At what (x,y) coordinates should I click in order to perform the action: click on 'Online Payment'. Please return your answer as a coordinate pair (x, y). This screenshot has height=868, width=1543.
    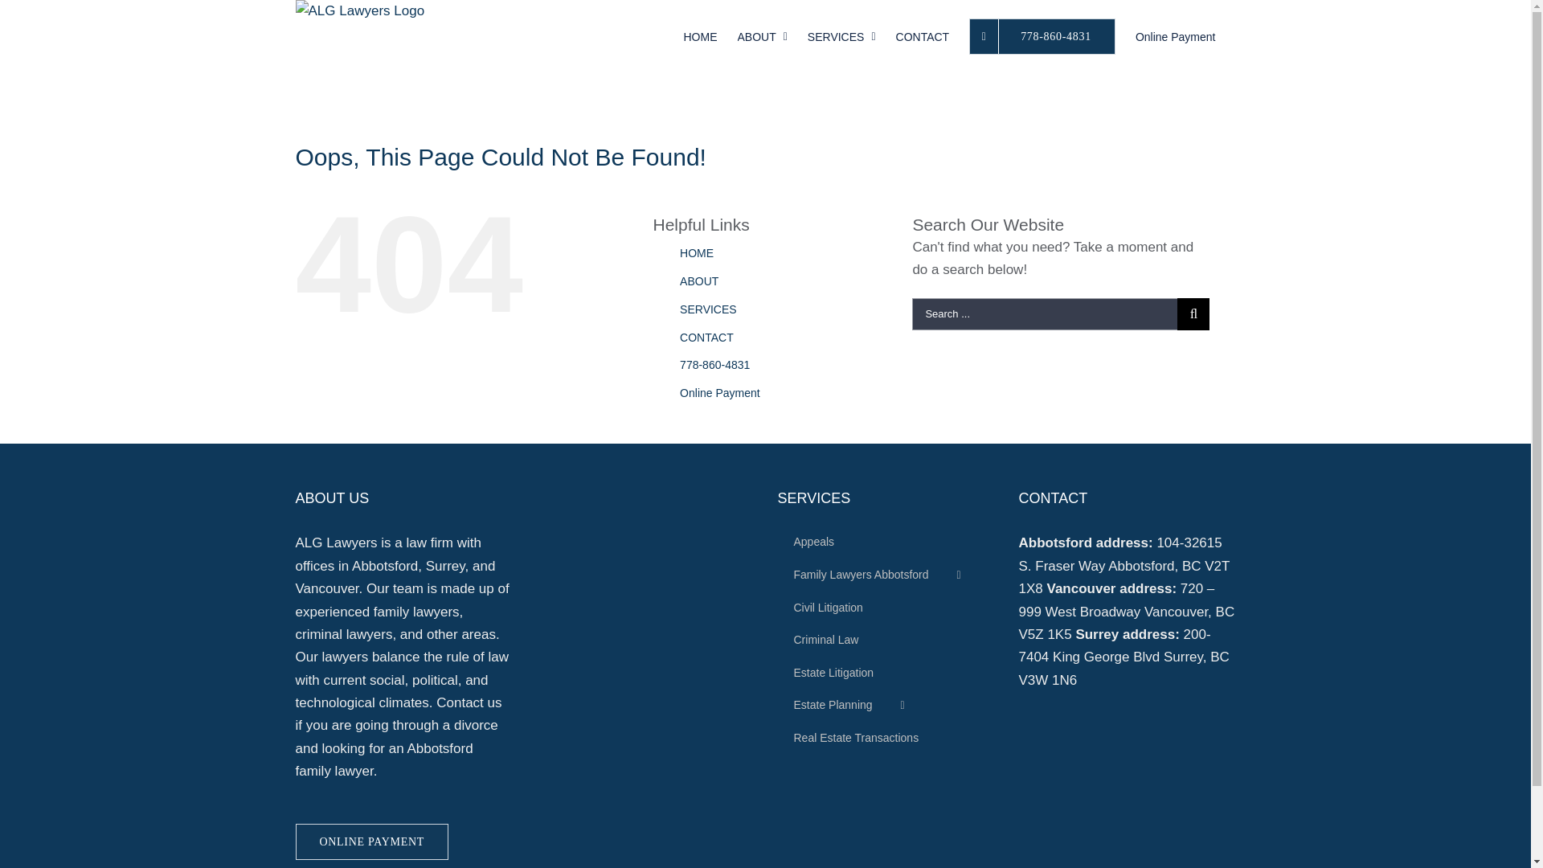
    Looking at the image, I should click on (679, 393).